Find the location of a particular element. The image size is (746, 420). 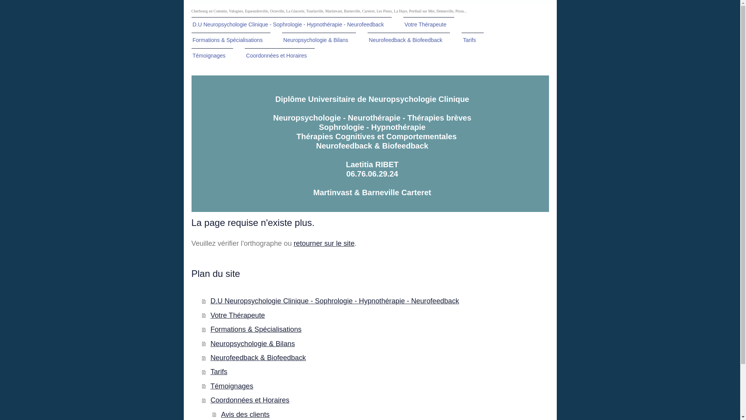

'Neurofeedback & Biofeedback' is located at coordinates (408, 40).